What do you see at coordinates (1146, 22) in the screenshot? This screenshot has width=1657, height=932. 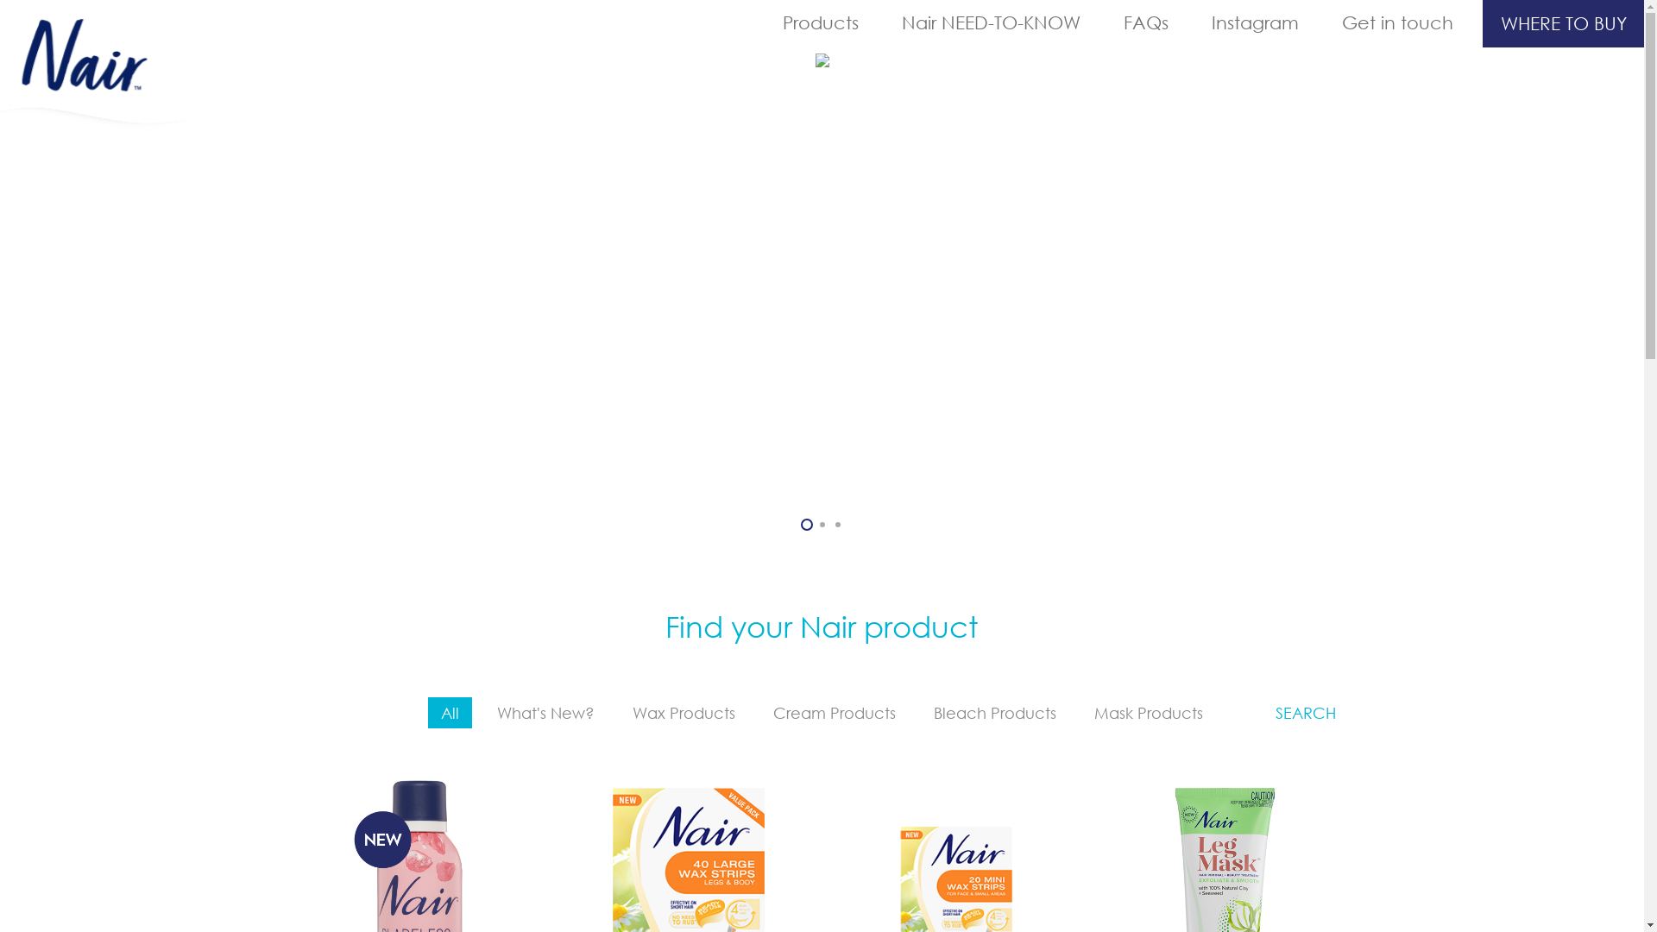 I see `'FAQs'` at bounding box center [1146, 22].